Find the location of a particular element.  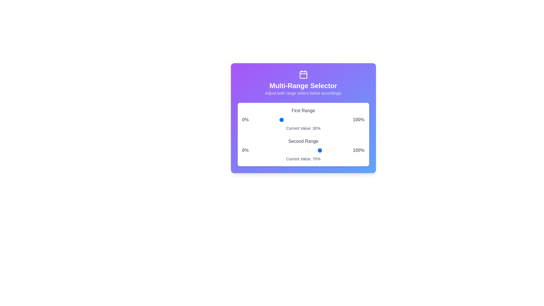

the second range slider is located at coordinates (335, 150).